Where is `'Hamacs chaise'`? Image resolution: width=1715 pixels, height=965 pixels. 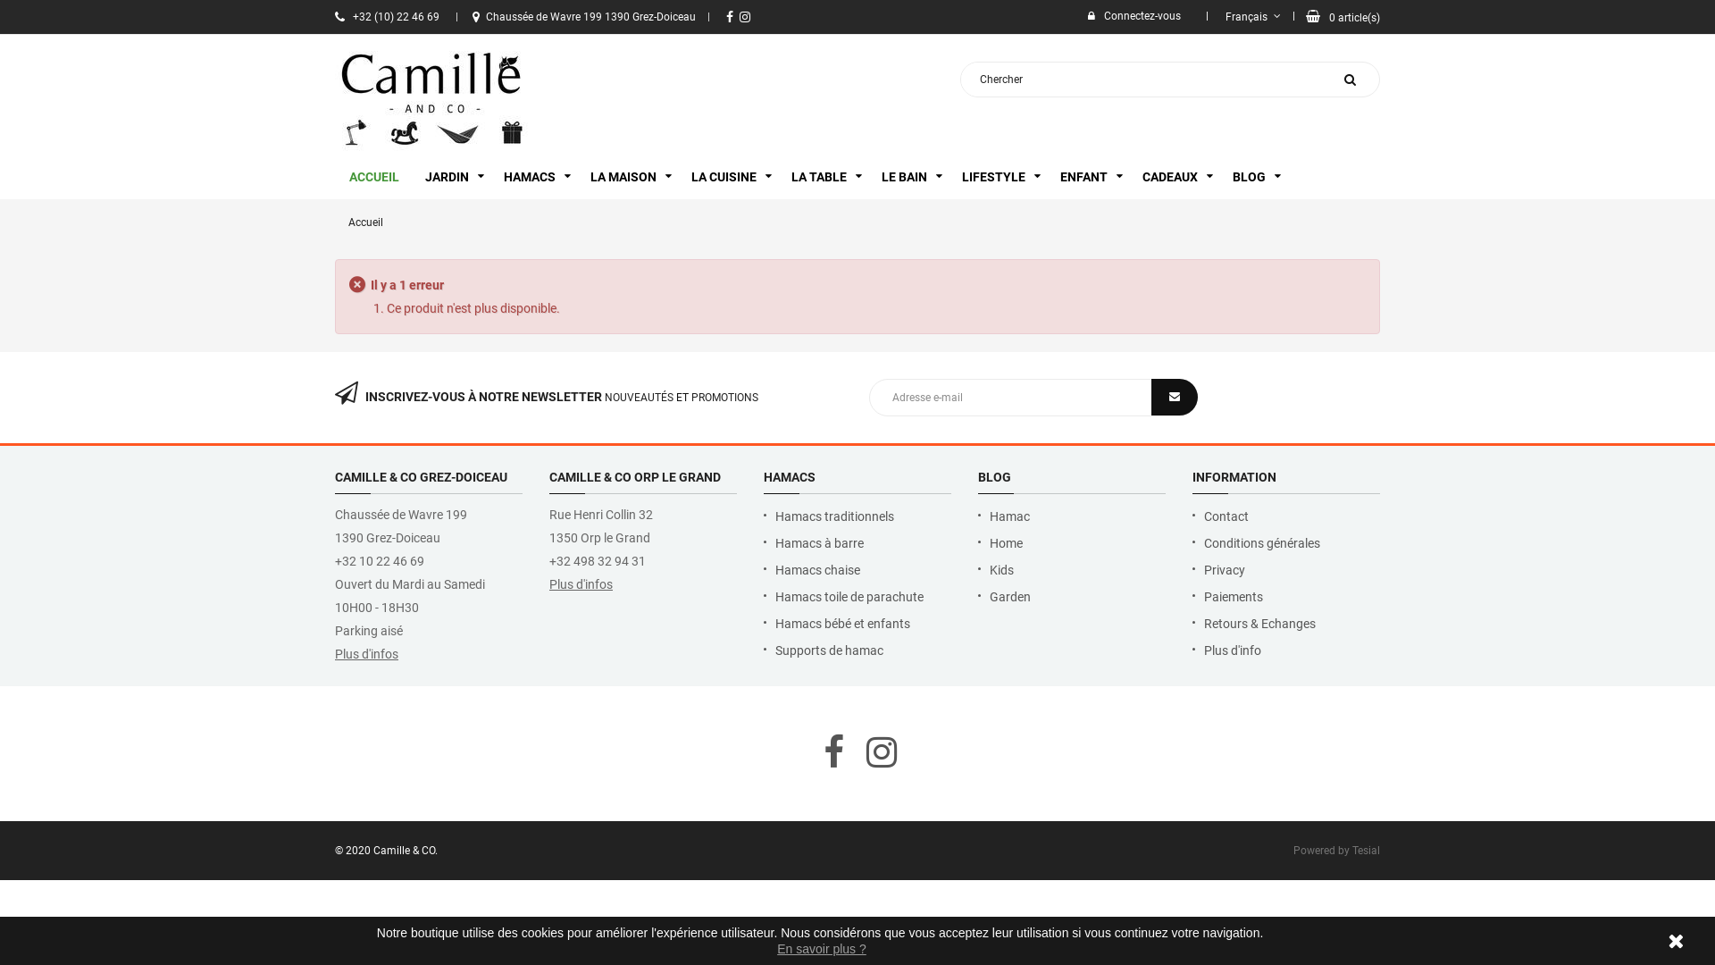
'Hamacs chaise' is located at coordinates (857, 569).